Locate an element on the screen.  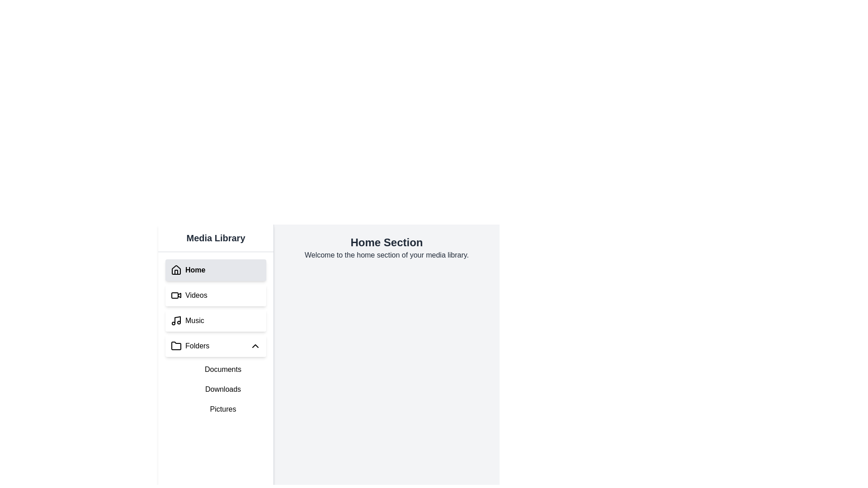
the 'Music' label in the left-hand navigation menu is located at coordinates (194, 320).